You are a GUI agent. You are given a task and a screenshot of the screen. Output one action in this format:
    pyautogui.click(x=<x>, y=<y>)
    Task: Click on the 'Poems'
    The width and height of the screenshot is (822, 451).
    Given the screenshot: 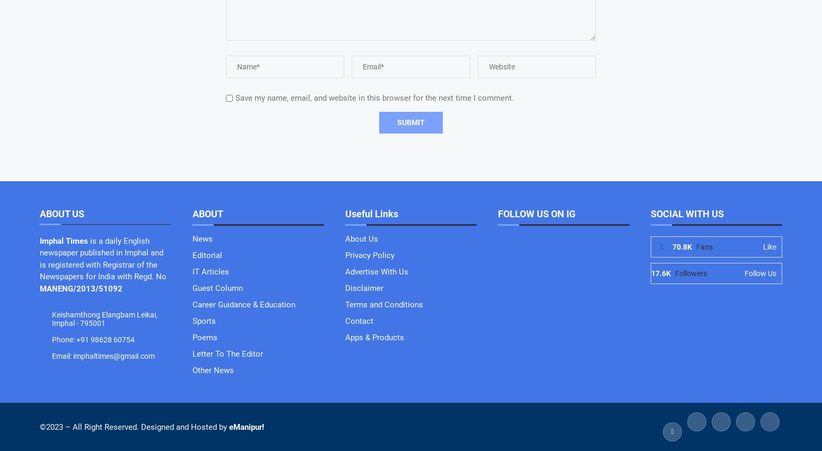 What is the action you would take?
    pyautogui.click(x=192, y=337)
    